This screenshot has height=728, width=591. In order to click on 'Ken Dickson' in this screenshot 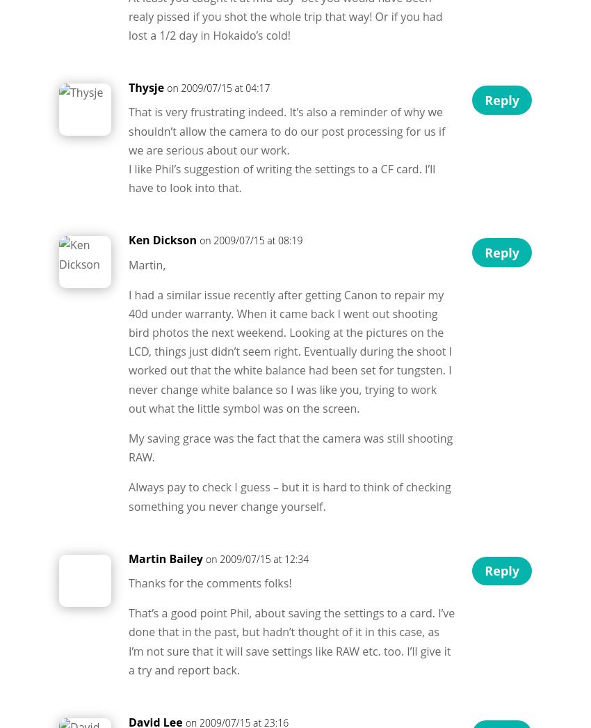, I will do `click(163, 239)`.